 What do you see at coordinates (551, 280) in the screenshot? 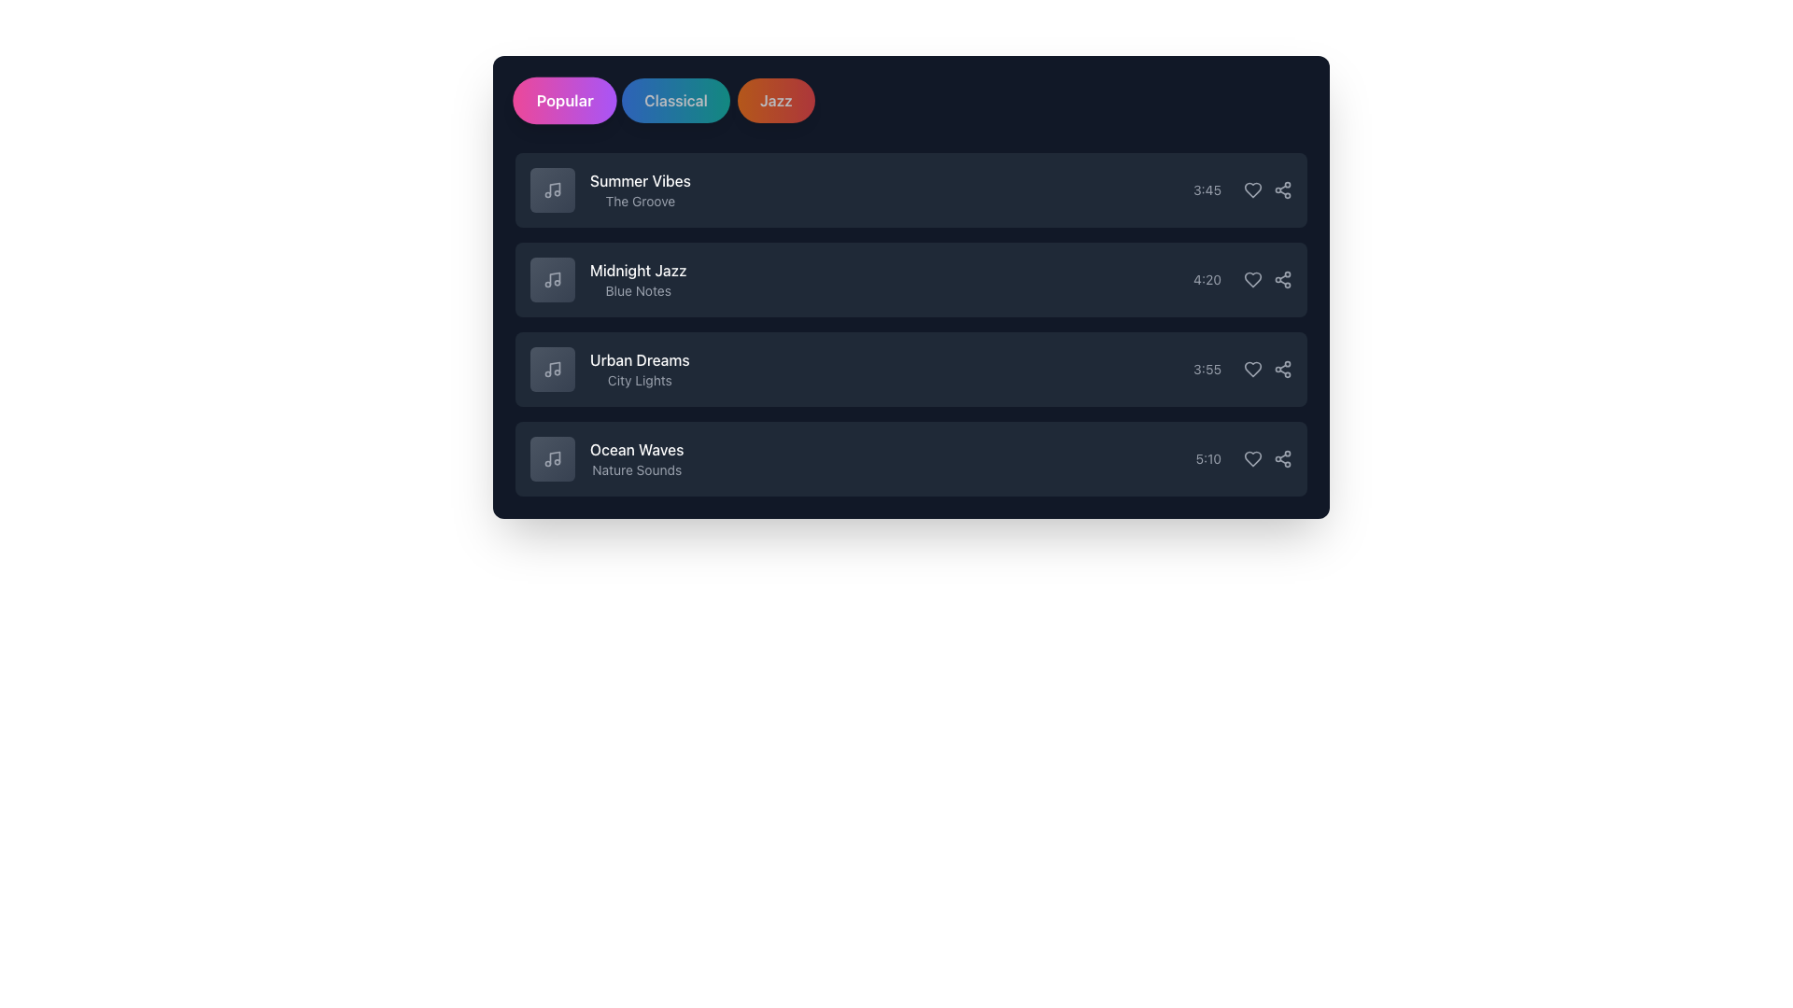
I see `the decorative graphic icon representing the music track 'Midnight Jazz', located towards the left side of the second row, adjacent to its title` at bounding box center [551, 280].